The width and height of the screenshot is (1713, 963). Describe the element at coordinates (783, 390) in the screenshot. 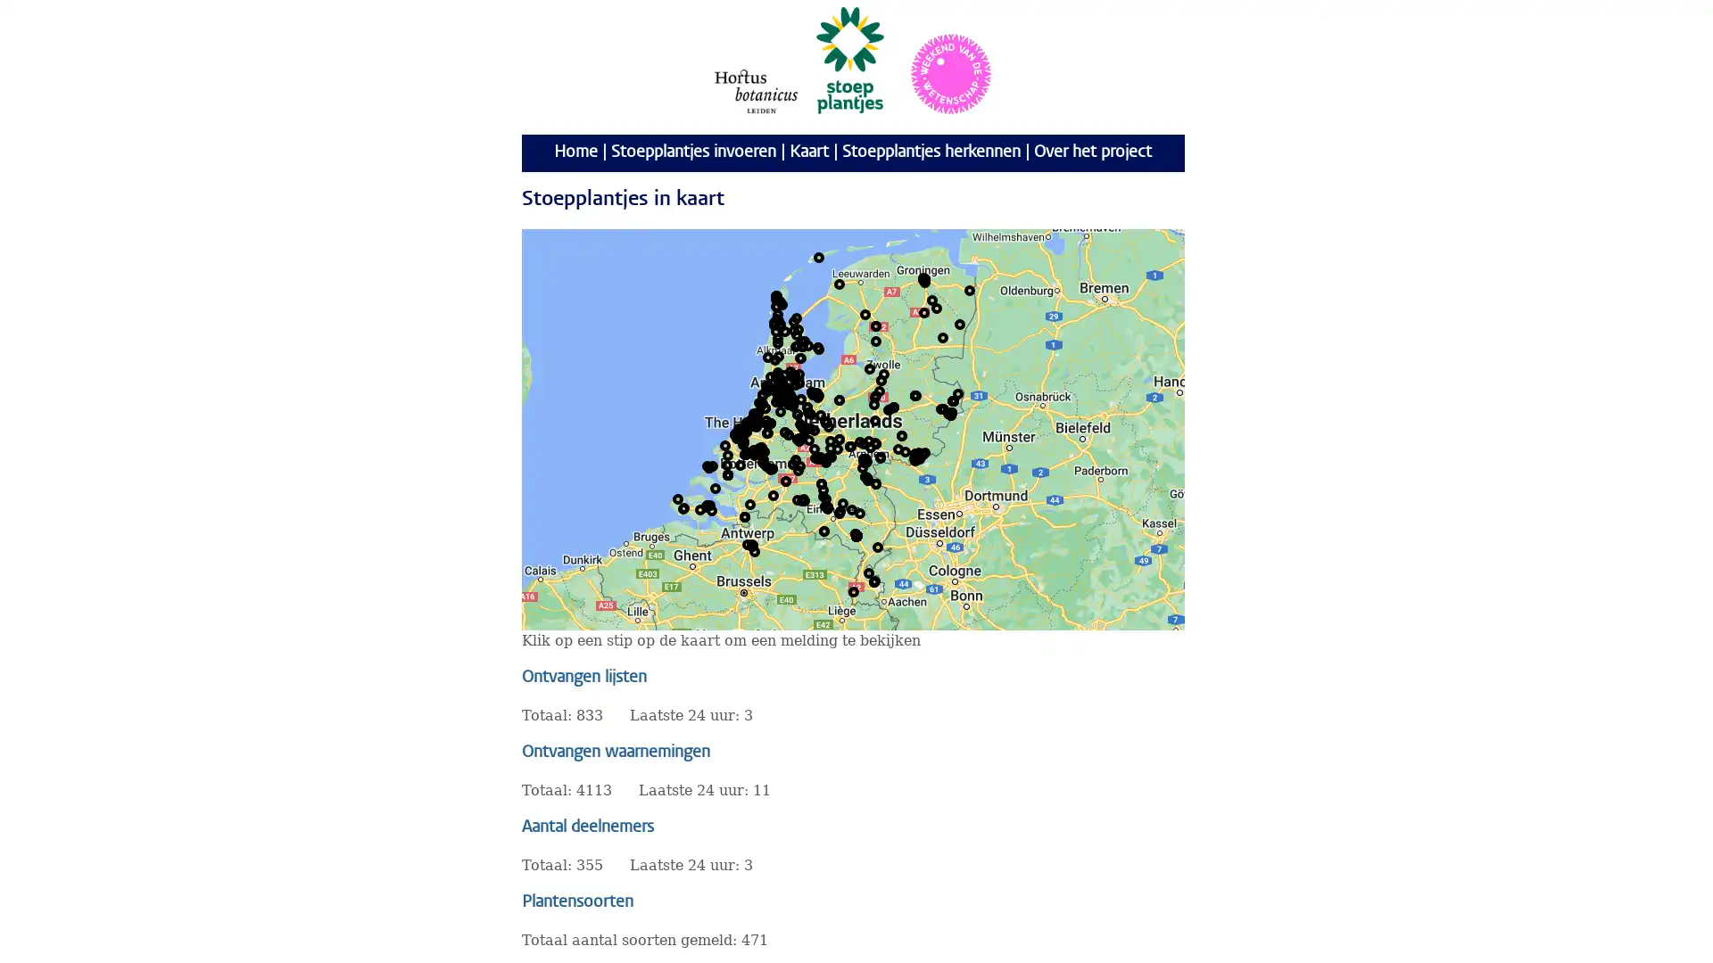

I see `Telling van op 17 mei 2022` at that location.